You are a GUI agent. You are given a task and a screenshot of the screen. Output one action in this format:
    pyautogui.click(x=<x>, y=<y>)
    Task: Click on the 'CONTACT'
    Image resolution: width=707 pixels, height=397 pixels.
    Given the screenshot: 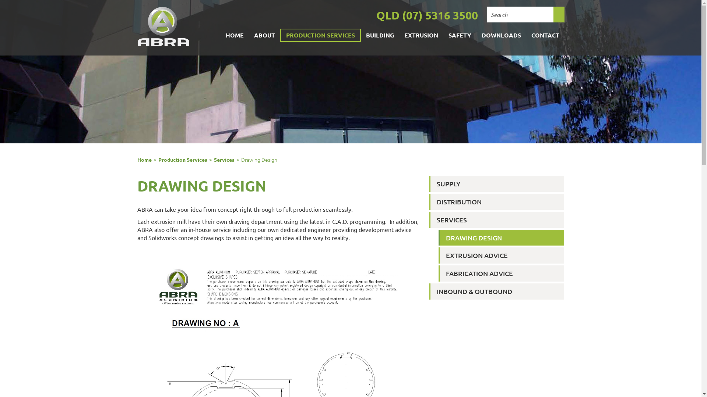 What is the action you would take?
    pyautogui.click(x=545, y=35)
    